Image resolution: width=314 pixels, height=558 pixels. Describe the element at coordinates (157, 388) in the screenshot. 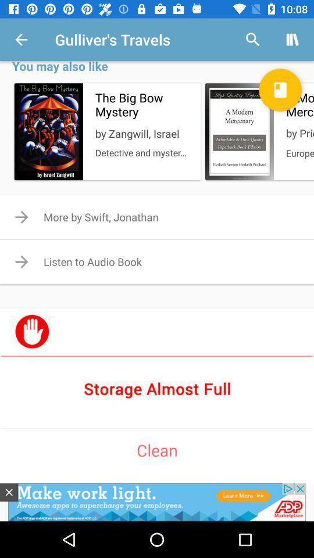

I see `visit sponsor advertisement` at that location.